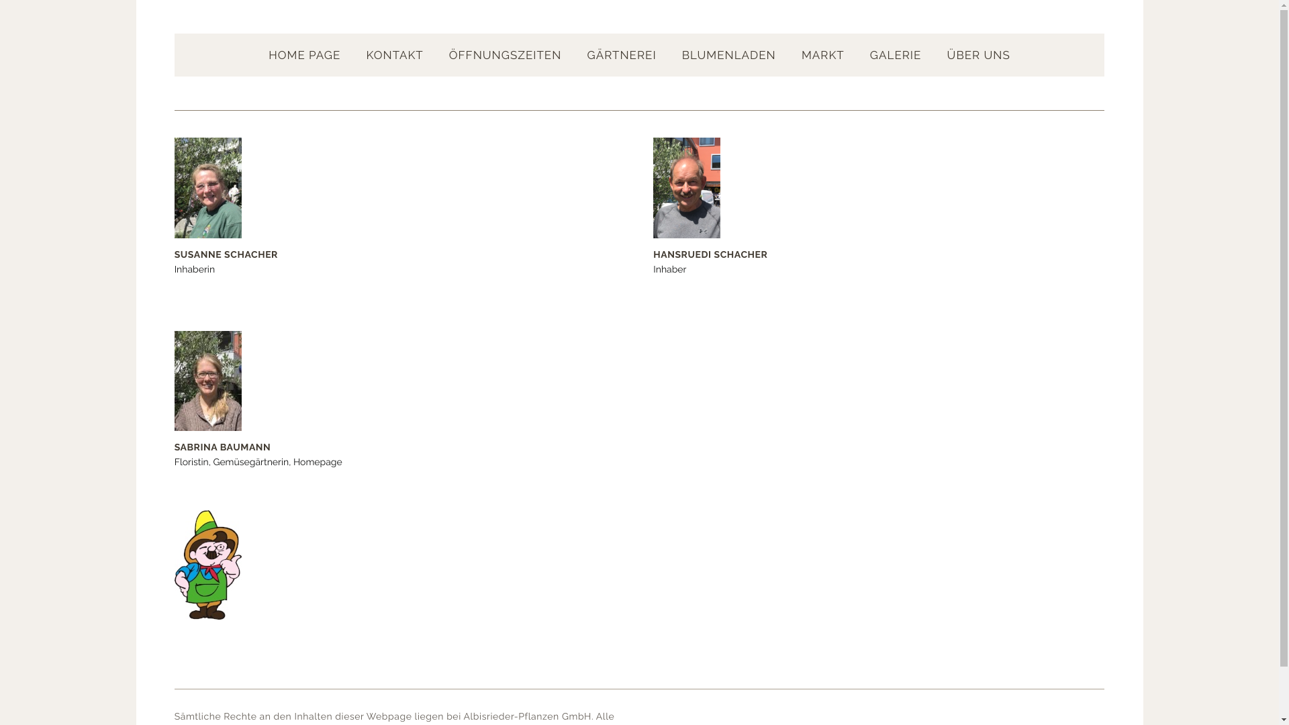 The height and width of the screenshot is (725, 1289). Describe the element at coordinates (686, 188) in the screenshot. I see `'Hansruedi Schacher'` at that location.